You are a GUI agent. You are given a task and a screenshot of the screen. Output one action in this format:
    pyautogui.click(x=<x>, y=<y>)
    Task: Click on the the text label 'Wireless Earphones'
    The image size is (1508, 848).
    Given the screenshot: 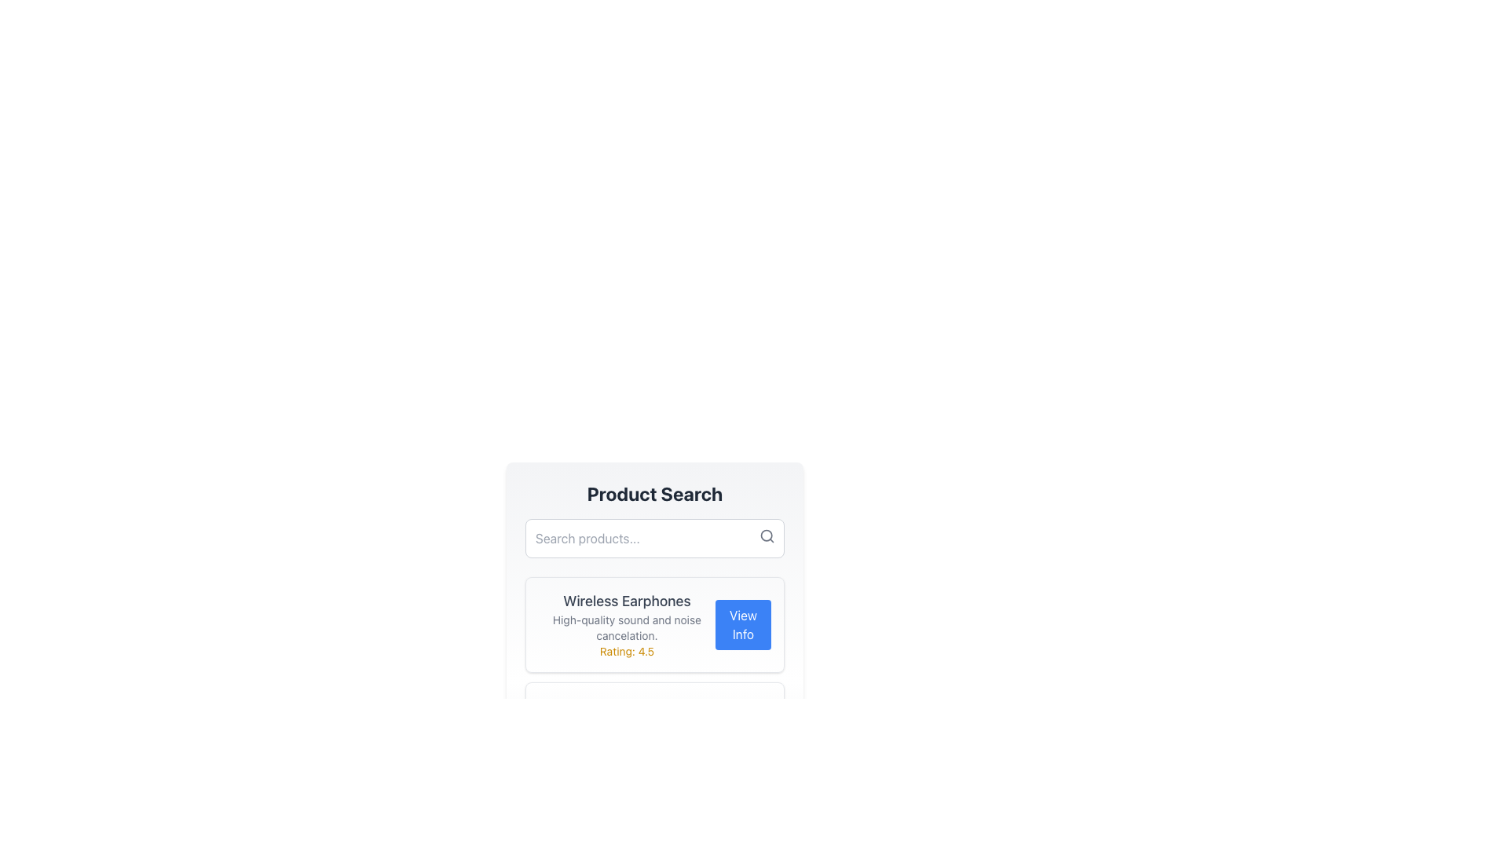 What is the action you would take?
    pyautogui.click(x=626, y=601)
    